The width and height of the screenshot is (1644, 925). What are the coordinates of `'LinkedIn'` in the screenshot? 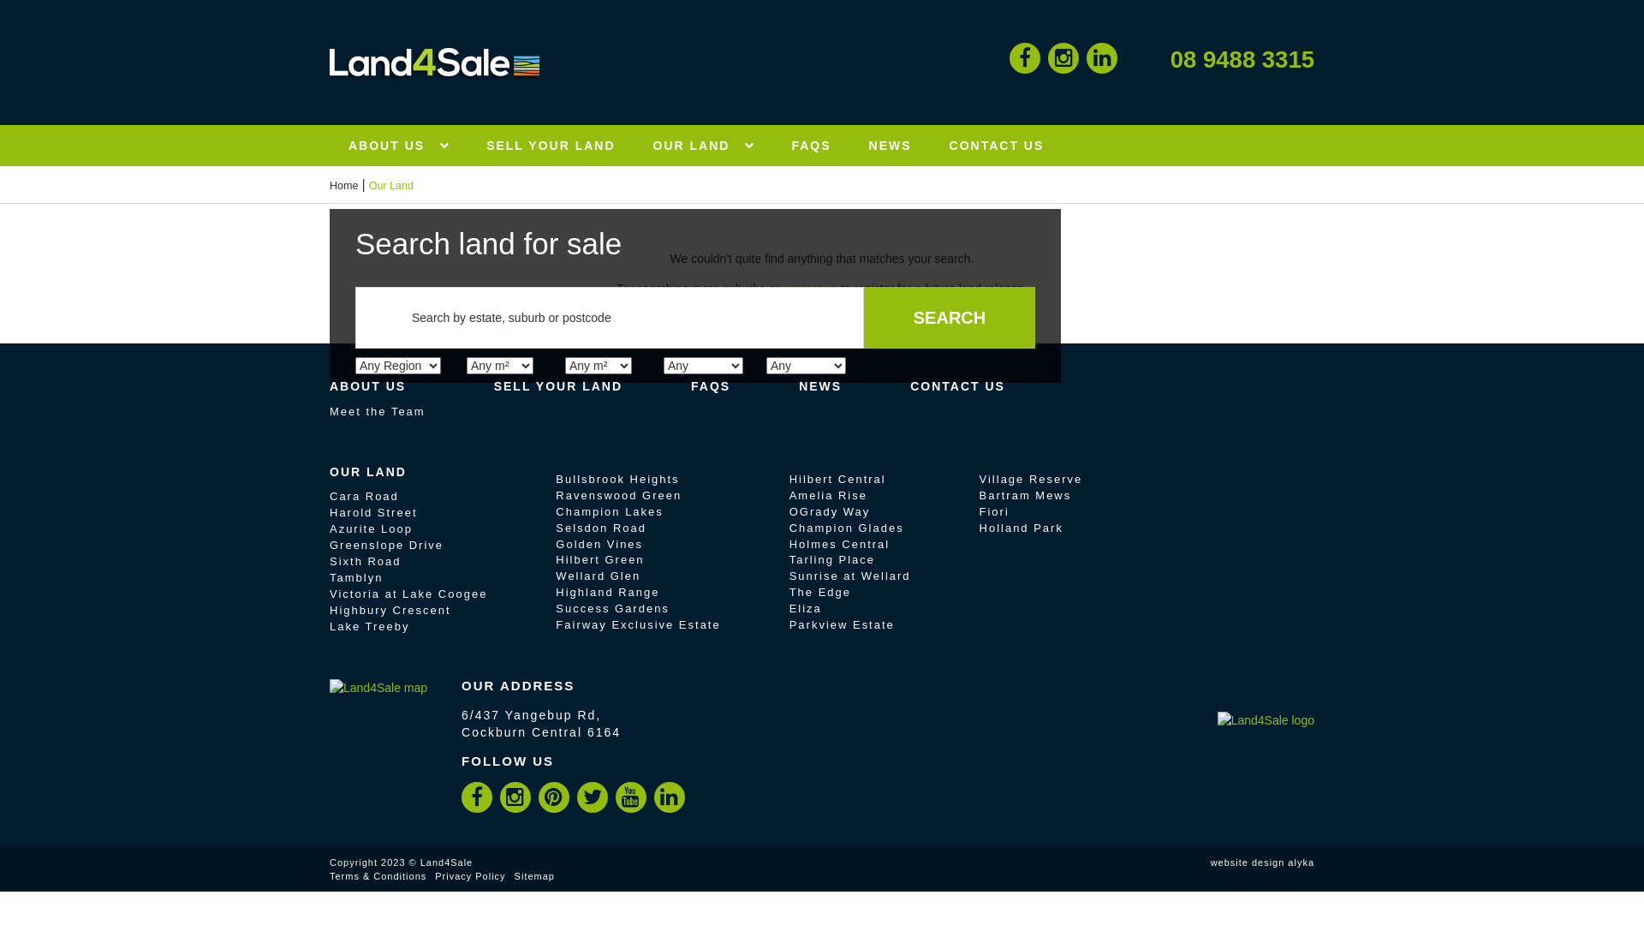 It's located at (1102, 55).